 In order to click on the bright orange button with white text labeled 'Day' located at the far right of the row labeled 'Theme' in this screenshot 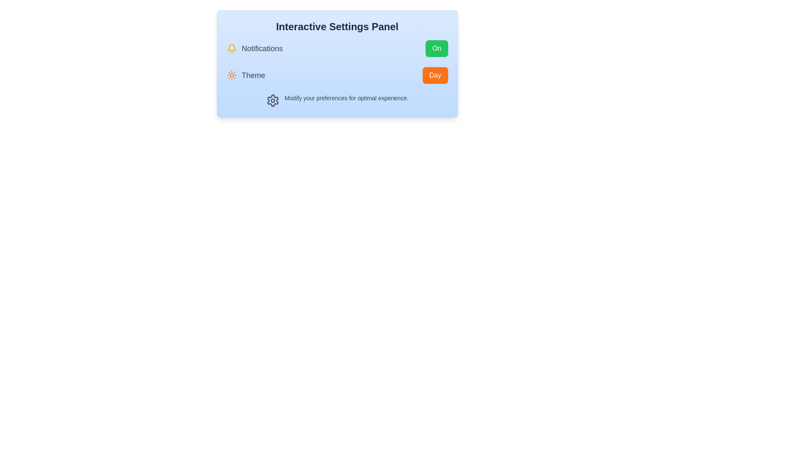, I will do `click(435, 75)`.